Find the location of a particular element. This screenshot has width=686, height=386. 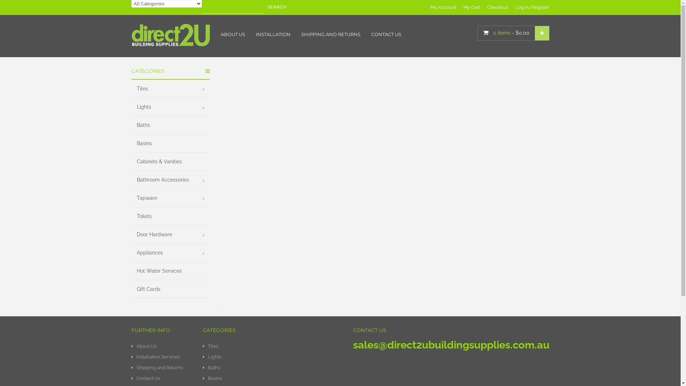

'Hot Water Services' is located at coordinates (170, 271).